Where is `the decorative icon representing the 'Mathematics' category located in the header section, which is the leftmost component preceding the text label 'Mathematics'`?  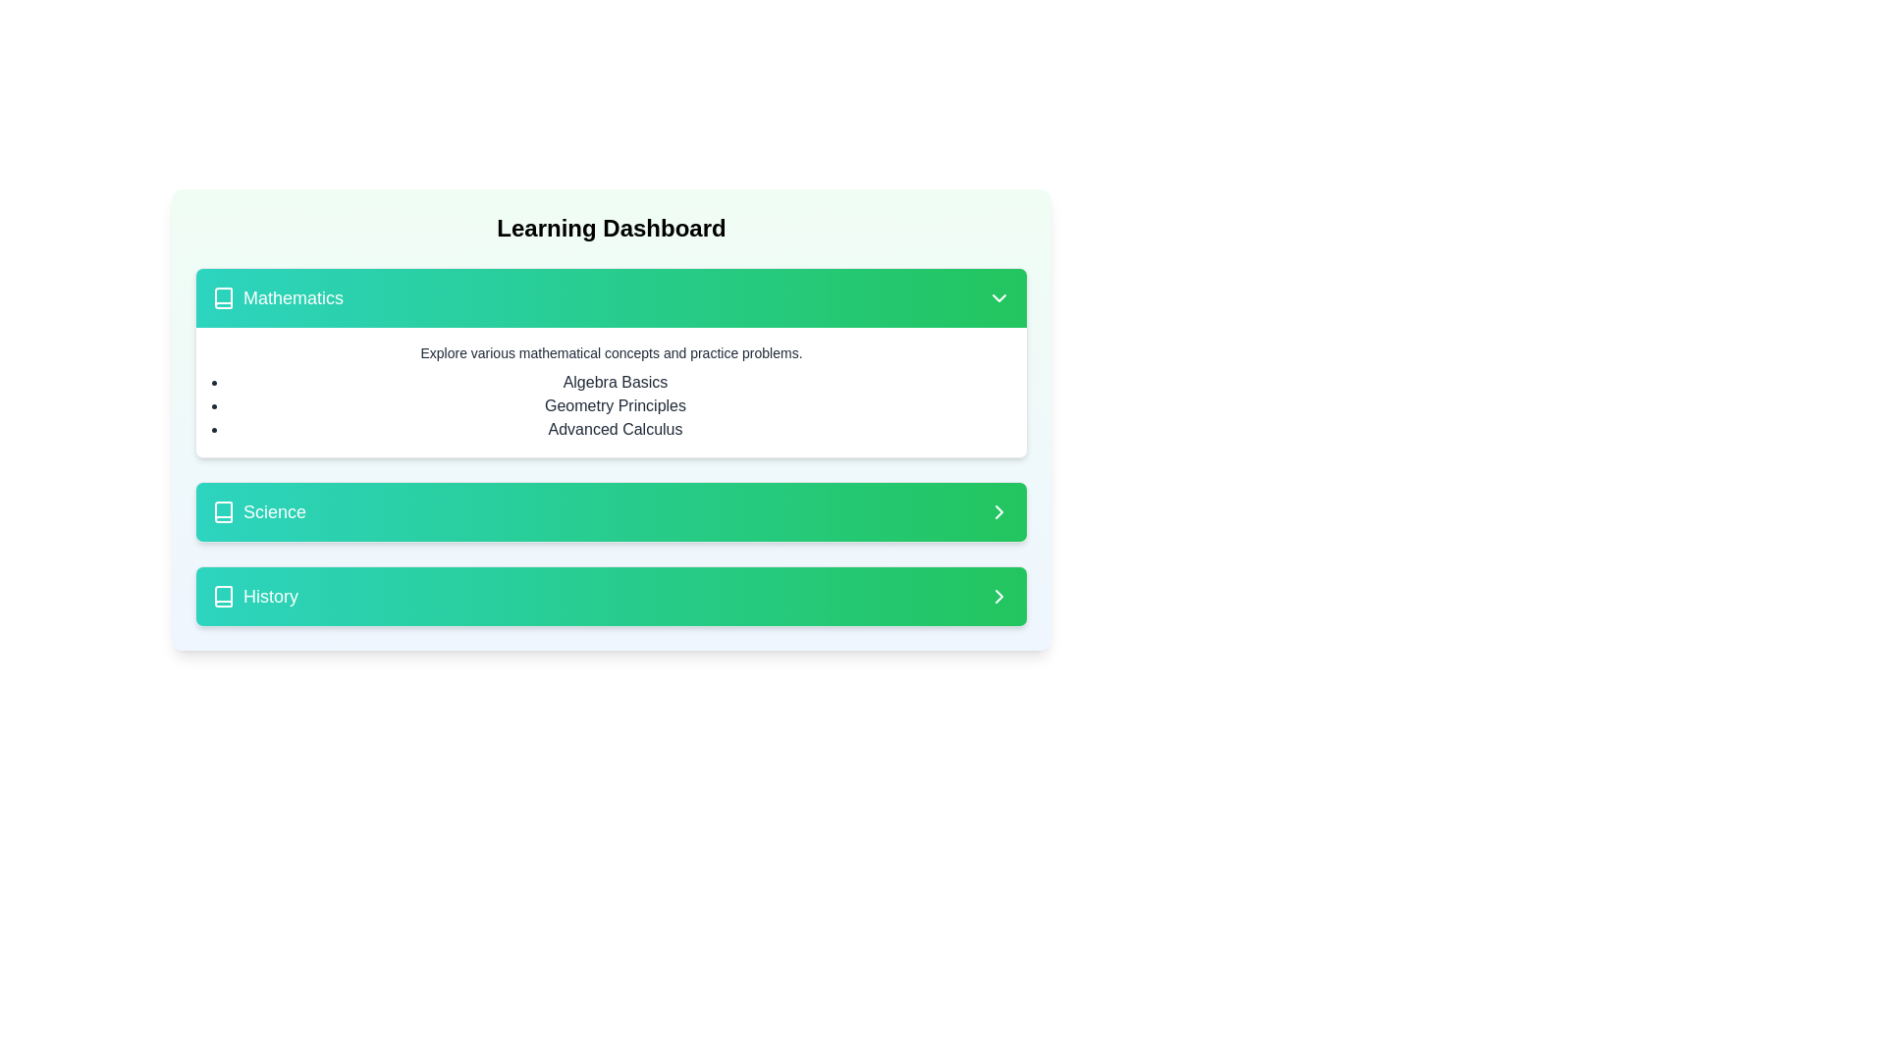
the decorative icon representing the 'Mathematics' category located in the header section, which is the leftmost component preceding the text label 'Mathematics' is located at coordinates (223, 298).